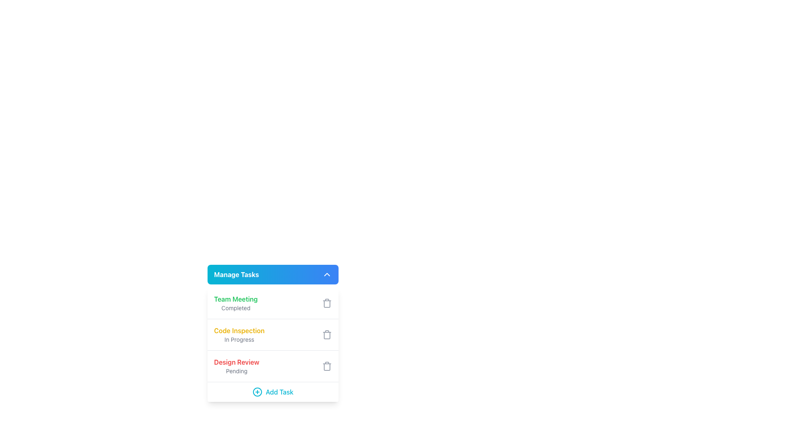 This screenshot has height=442, width=786. I want to click on the 'Code Inspection' task entry, which has a bold yellow title and a gray subtext indicating its status as 'In Progress', so click(273, 334).